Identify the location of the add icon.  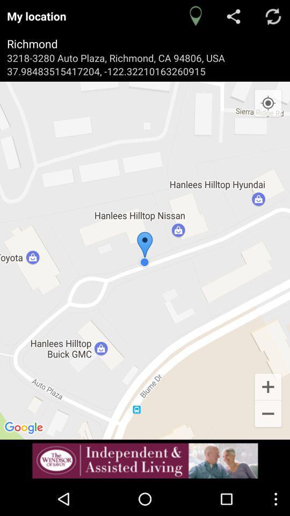
(267, 413).